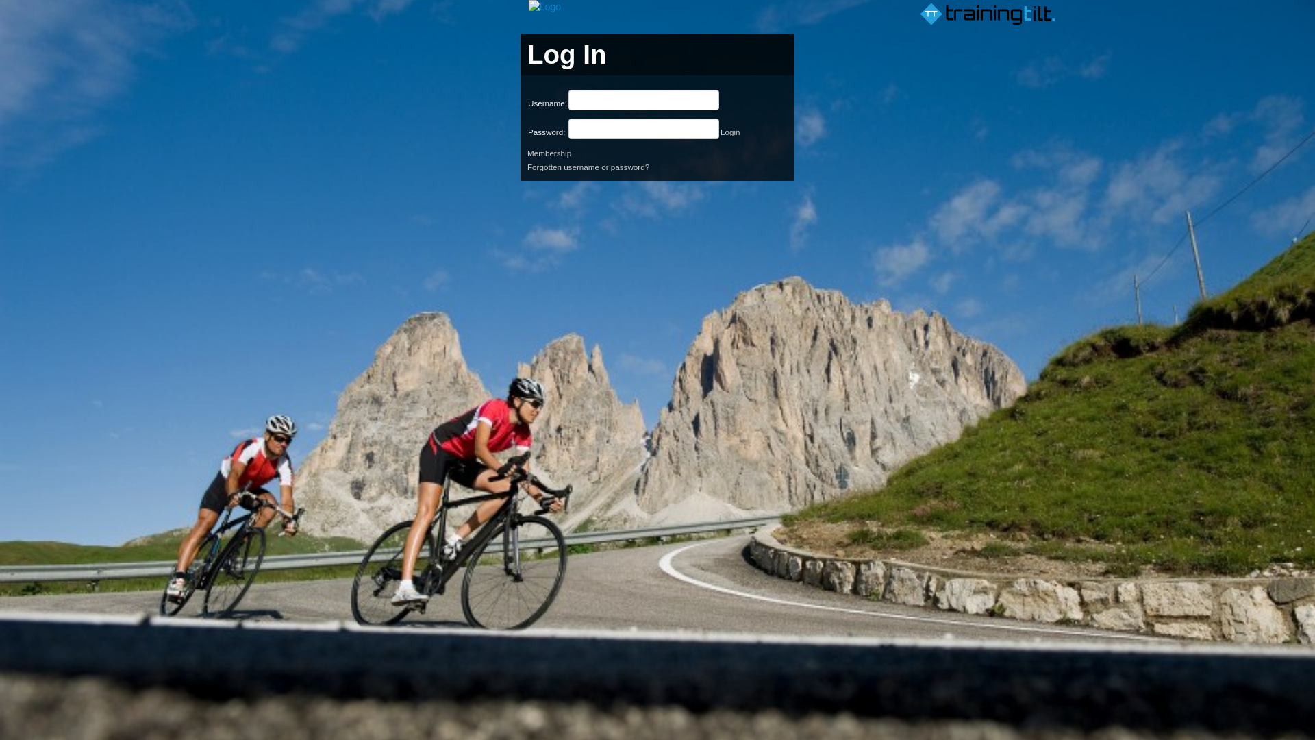 This screenshot has width=1315, height=740. I want to click on 'Forgotten username or password?', so click(526, 166).